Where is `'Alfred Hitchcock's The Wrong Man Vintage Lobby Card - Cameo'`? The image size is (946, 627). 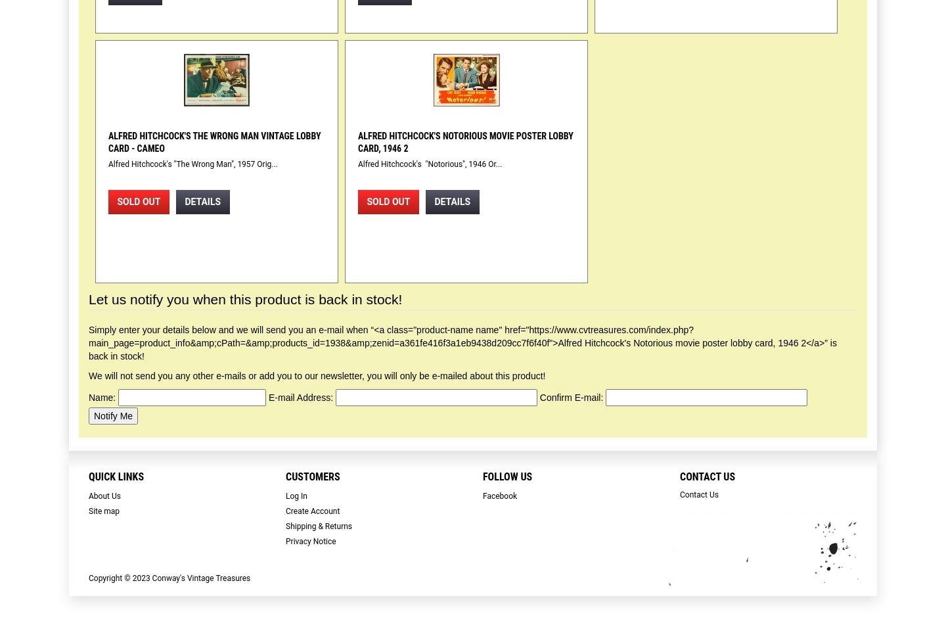 'Alfred Hitchcock's The Wrong Man Vintage Lobby Card - Cameo' is located at coordinates (214, 141).